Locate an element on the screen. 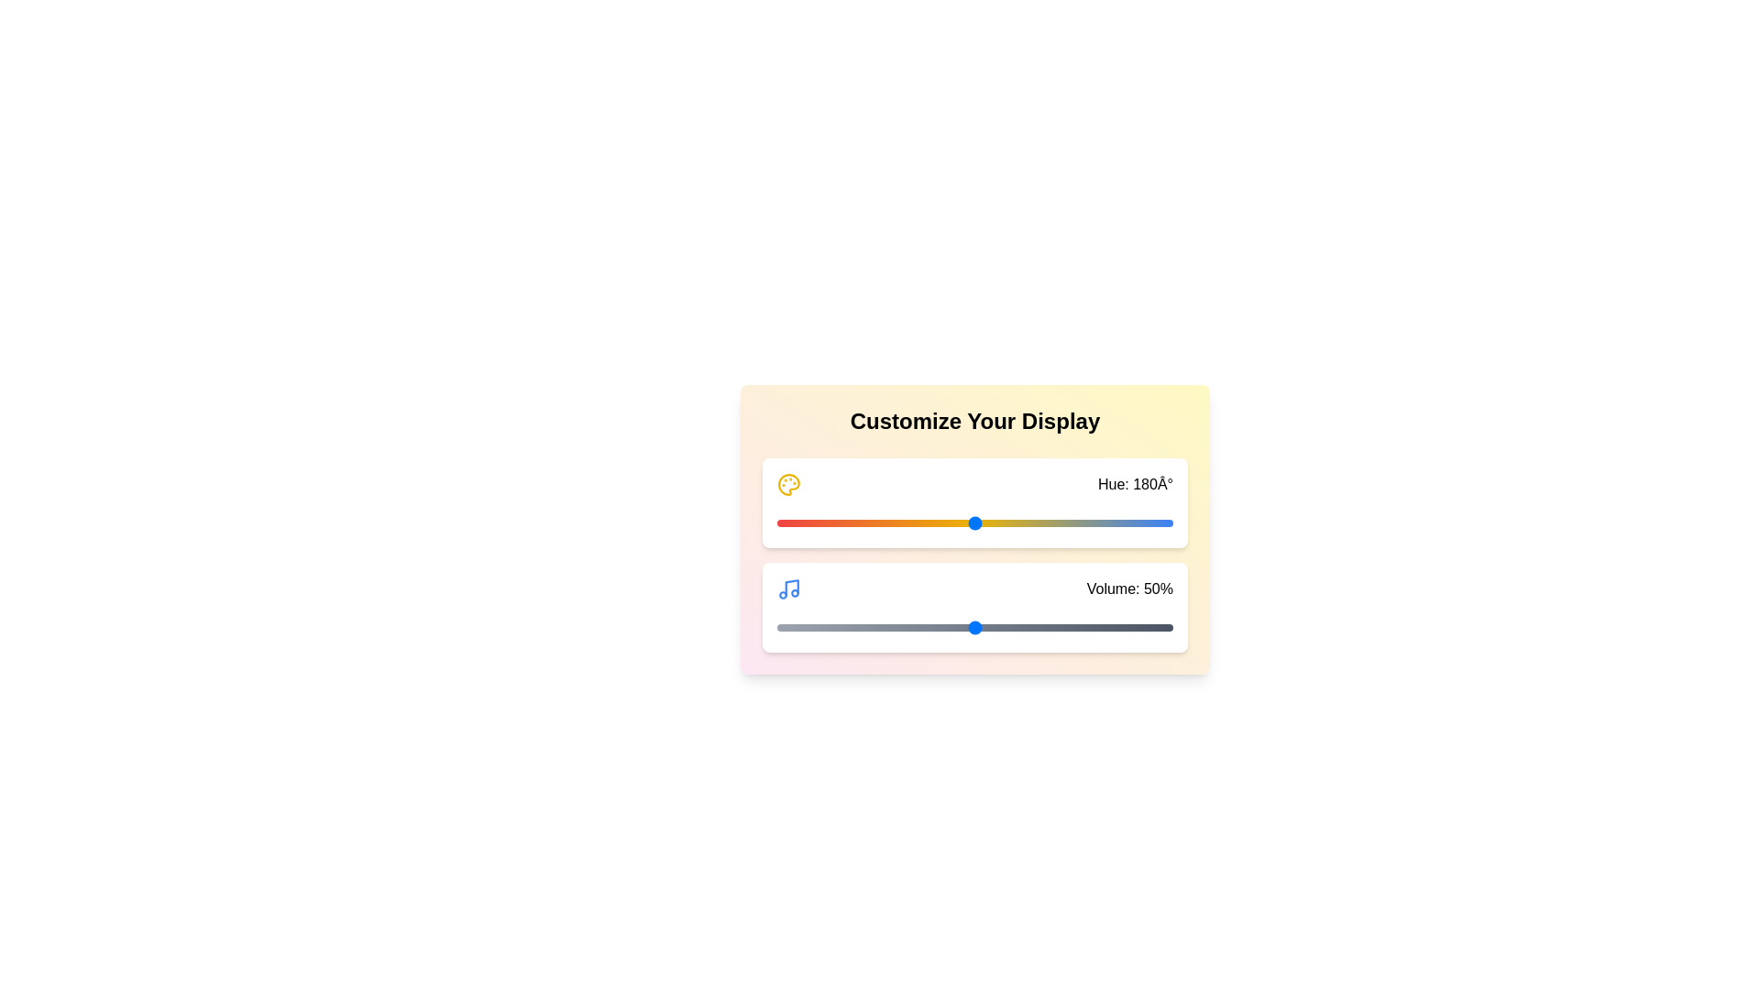 This screenshot has height=990, width=1760. the volume slider to 53% is located at coordinates (985, 627).